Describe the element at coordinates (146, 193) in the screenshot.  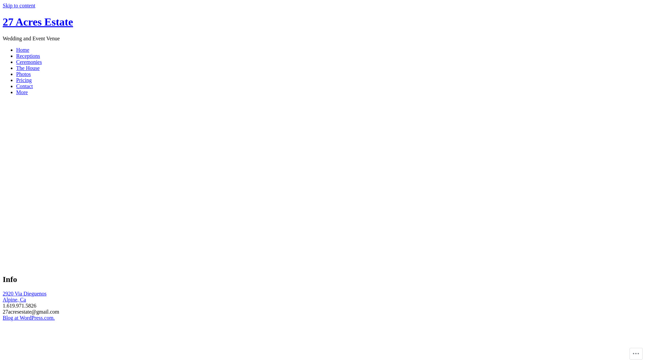
I see `'VideoPress Video Player'` at that location.